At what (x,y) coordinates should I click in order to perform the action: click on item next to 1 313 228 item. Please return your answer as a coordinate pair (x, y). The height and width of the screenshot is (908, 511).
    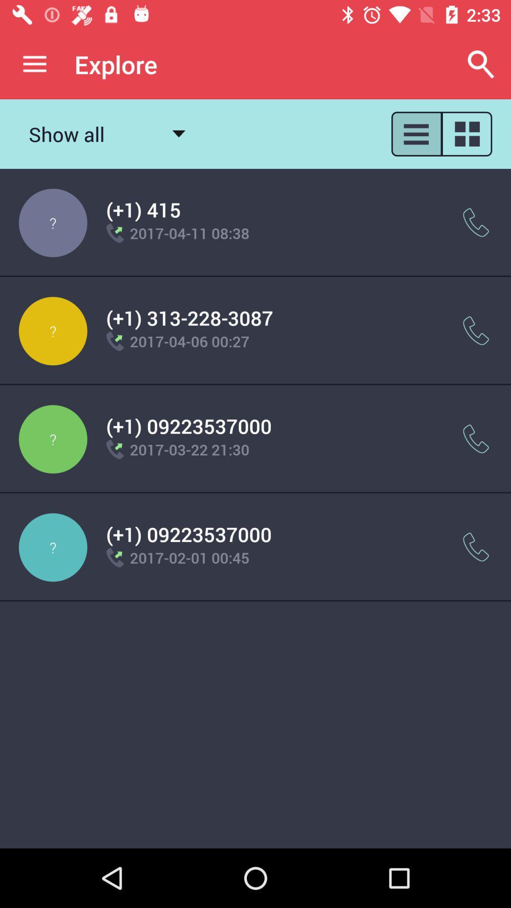
    Looking at the image, I should click on (476, 331).